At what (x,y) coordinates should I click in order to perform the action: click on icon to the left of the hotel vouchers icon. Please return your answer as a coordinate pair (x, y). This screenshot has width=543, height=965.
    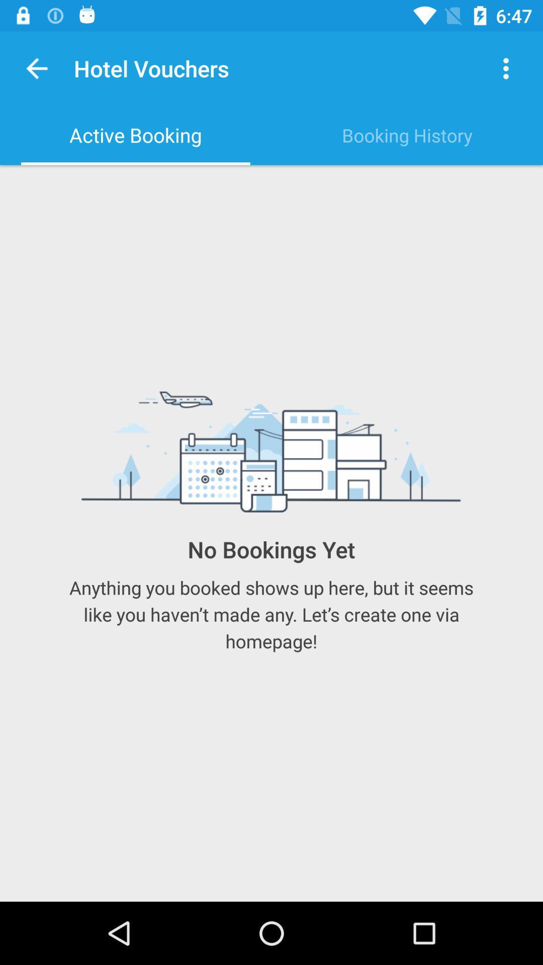
    Looking at the image, I should click on (36, 68).